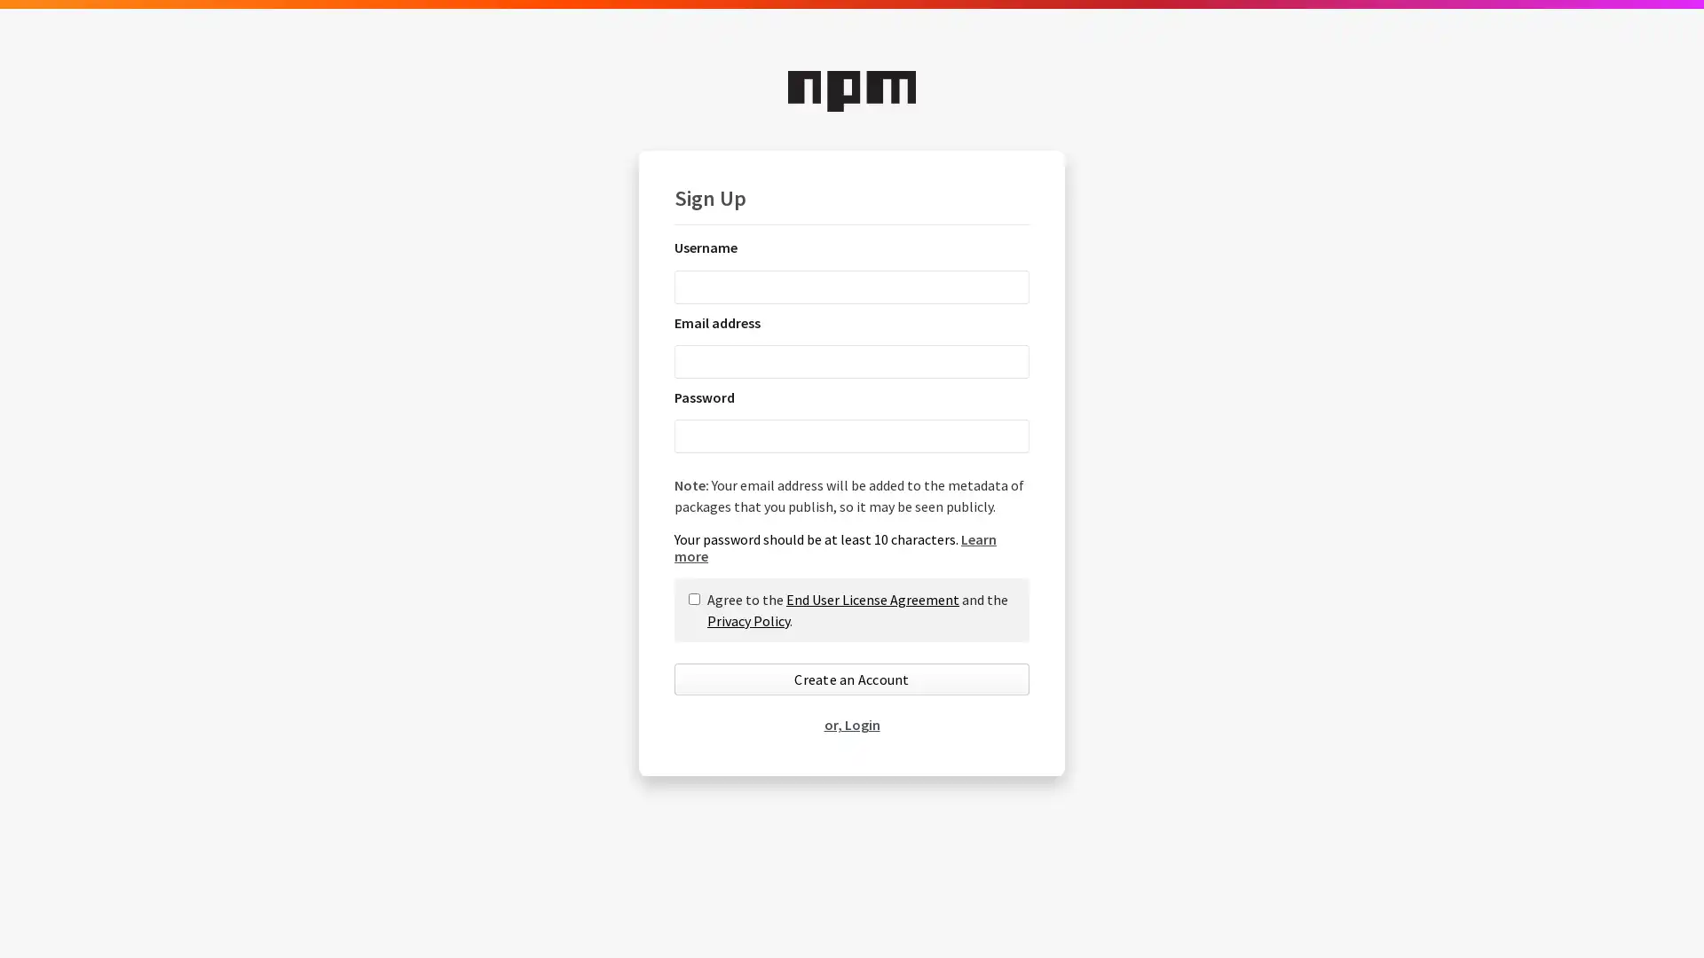 The image size is (1704, 958). Describe the element at coordinates (852, 679) in the screenshot. I see `Create an Account` at that location.